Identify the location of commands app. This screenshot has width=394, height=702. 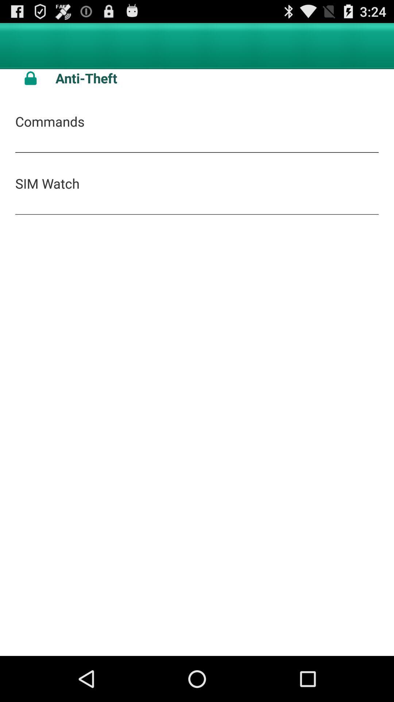
(49, 121).